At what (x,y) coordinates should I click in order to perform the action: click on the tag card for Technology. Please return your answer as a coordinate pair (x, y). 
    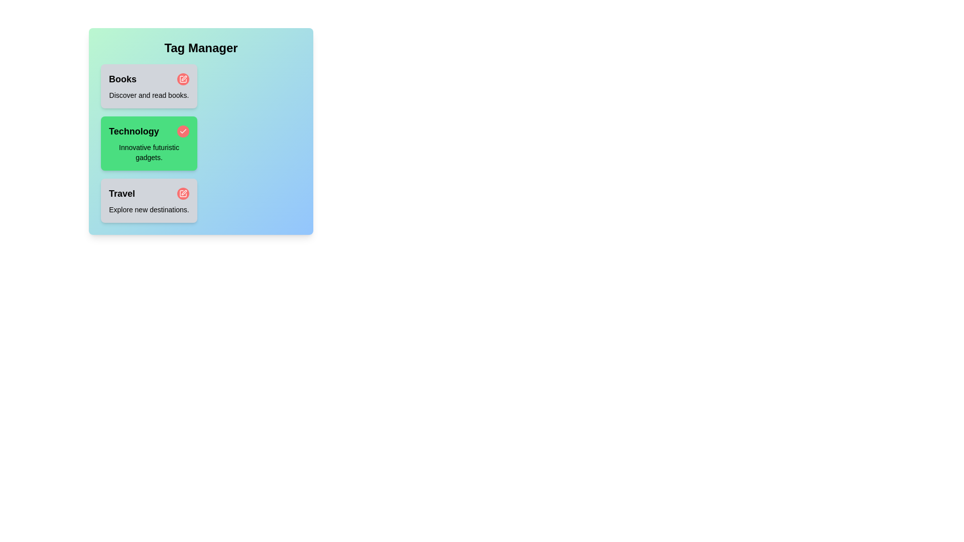
    Looking at the image, I should click on (149, 143).